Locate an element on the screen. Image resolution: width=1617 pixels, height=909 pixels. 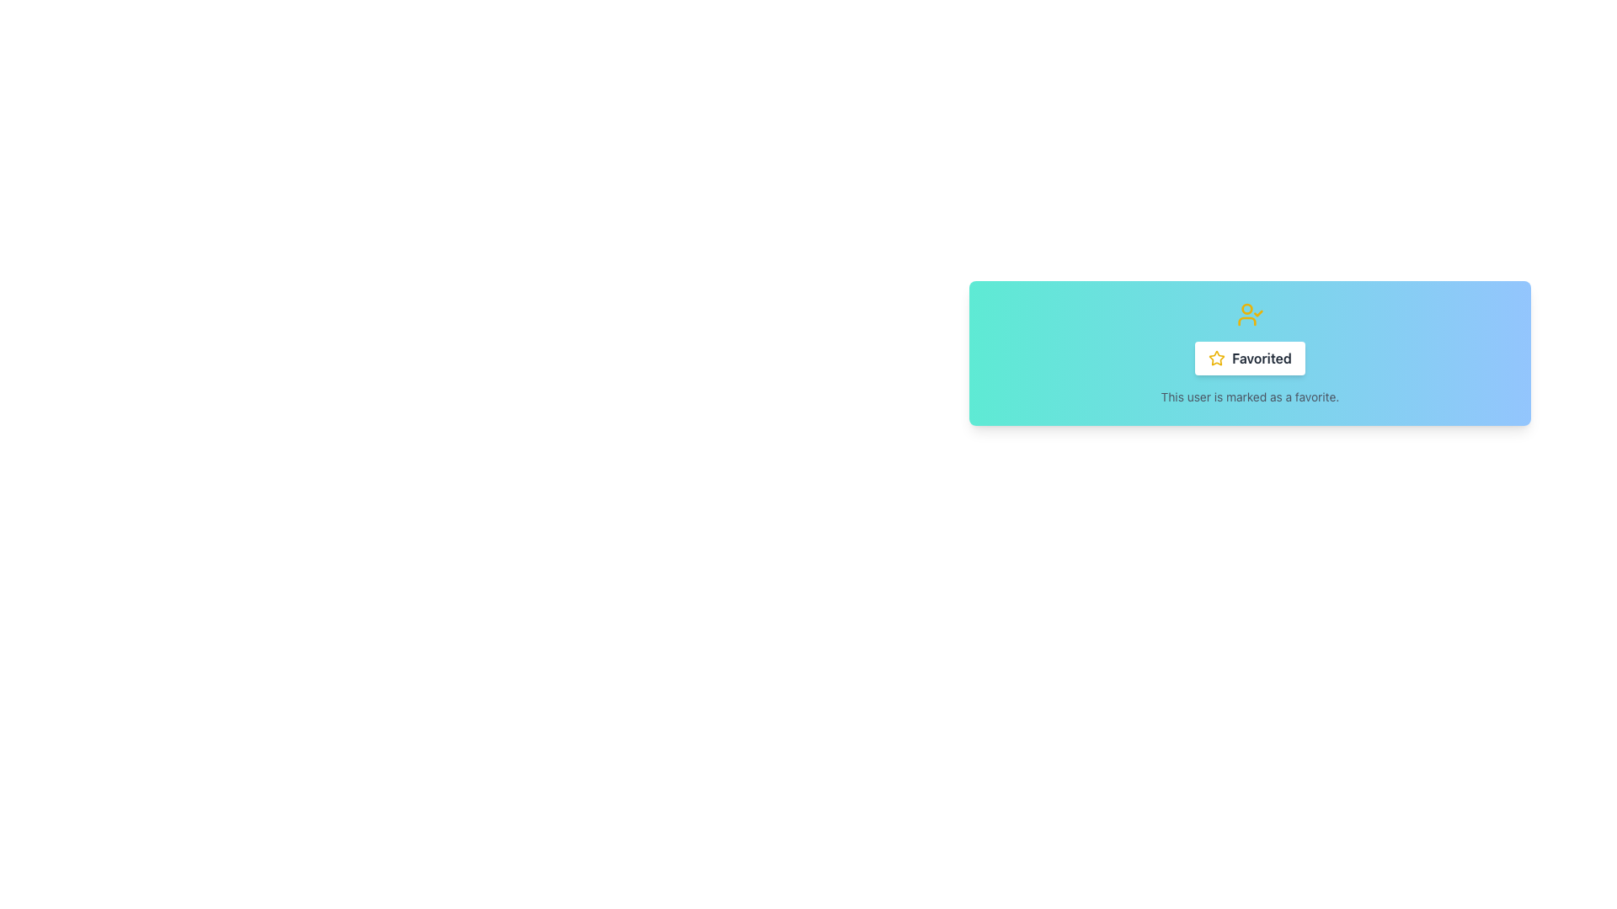
the text label that provides additional information about the state of a user being marked as a favorite, located beneath the 'Favorited' button at the bottom center of the card with a gradient background is located at coordinates (1250, 396).